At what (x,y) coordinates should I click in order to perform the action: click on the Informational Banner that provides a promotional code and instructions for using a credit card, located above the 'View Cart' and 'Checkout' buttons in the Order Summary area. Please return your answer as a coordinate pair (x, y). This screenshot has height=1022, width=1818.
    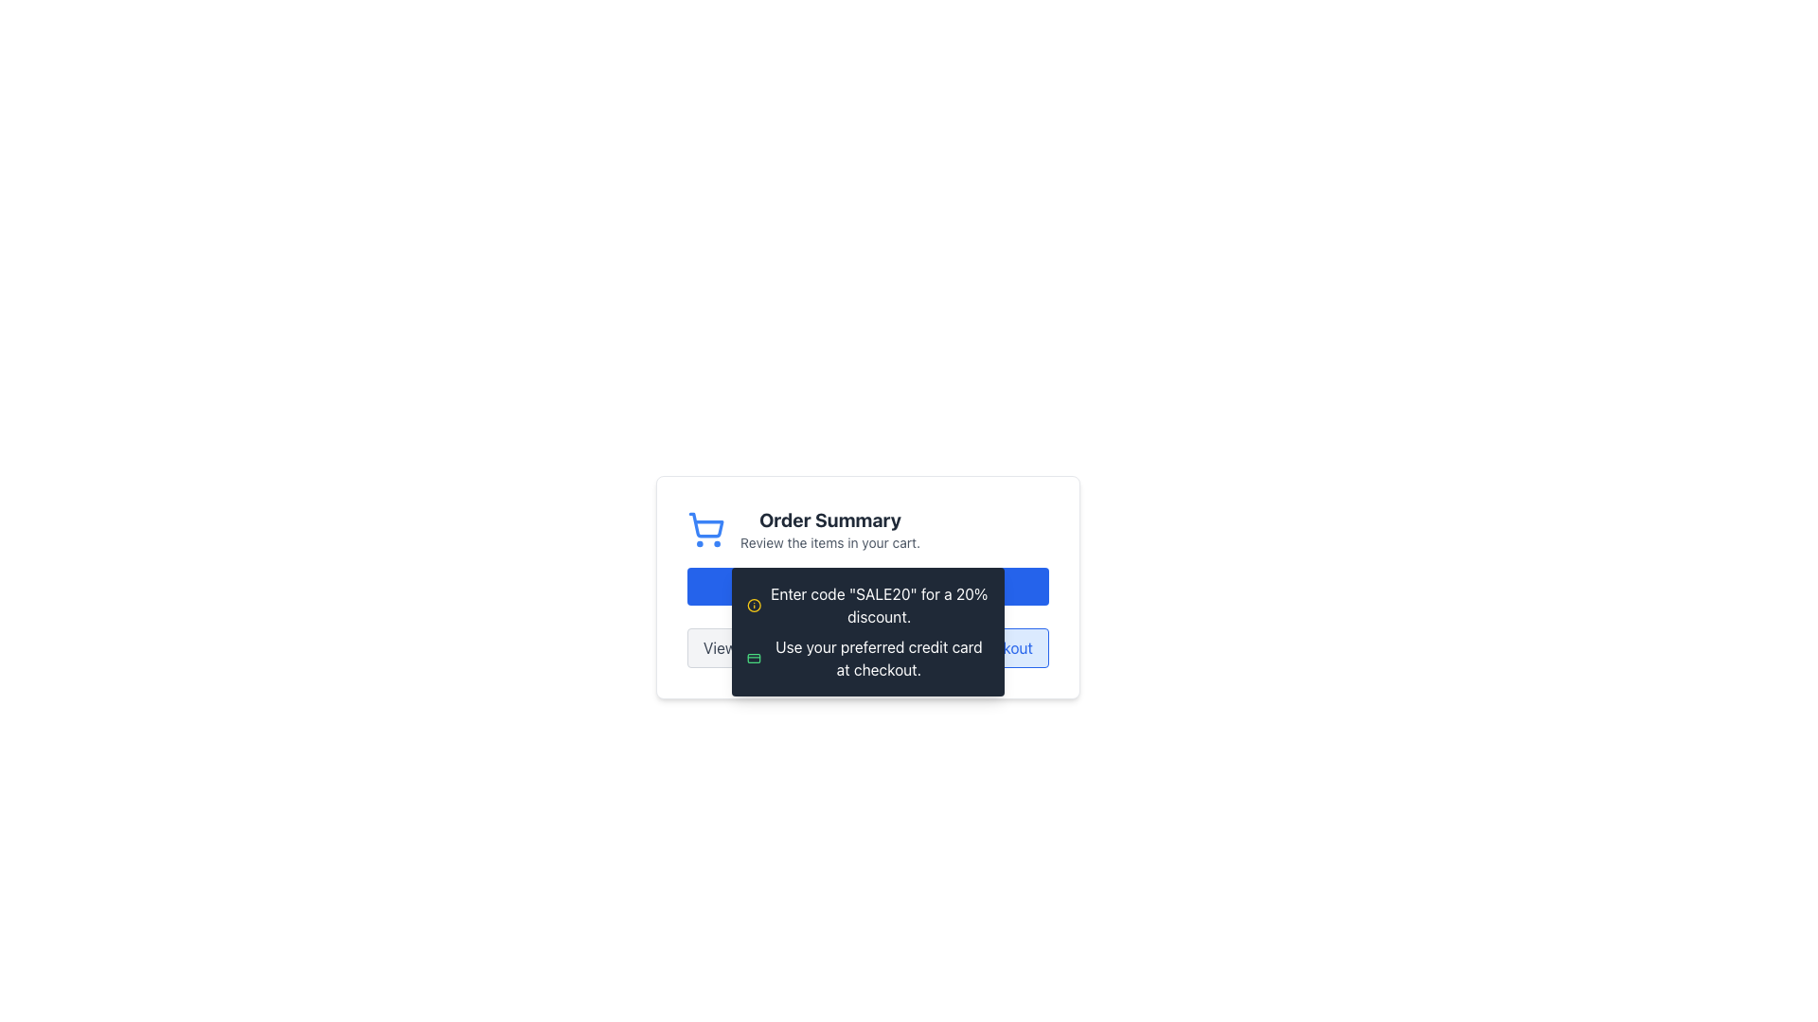
    Looking at the image, I should click on (866, 631).